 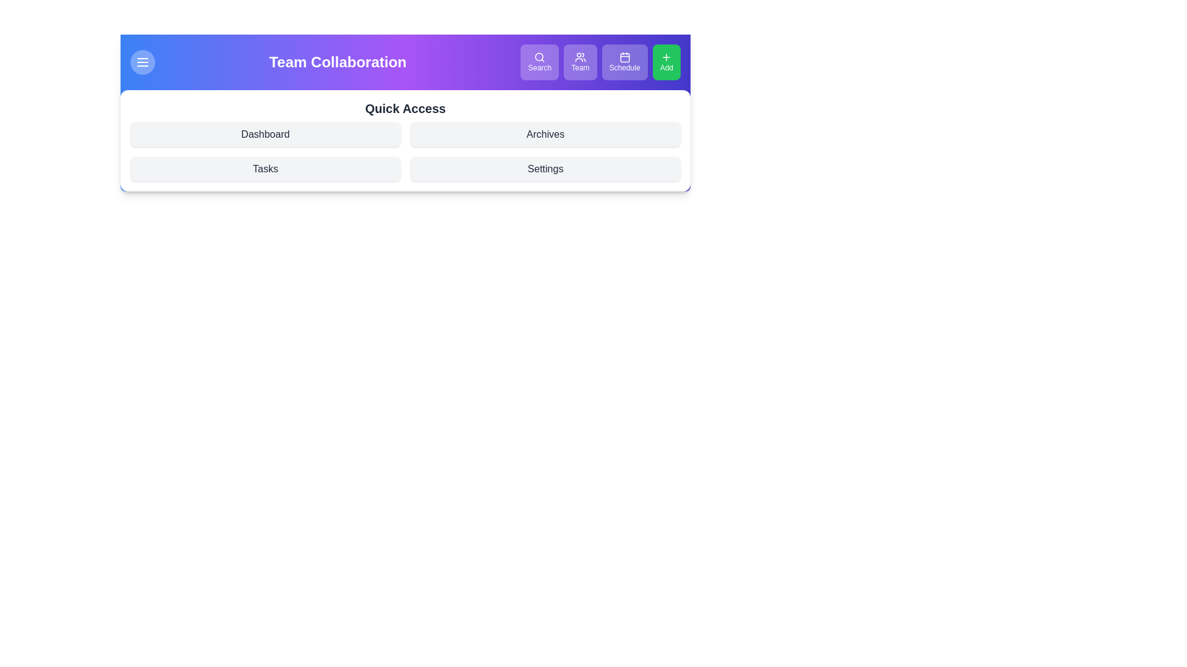 What do you see at coordinates (666, 62) in the screenshot?
I see `the Add button in the navigation bar` at bounding box center [666, 62].